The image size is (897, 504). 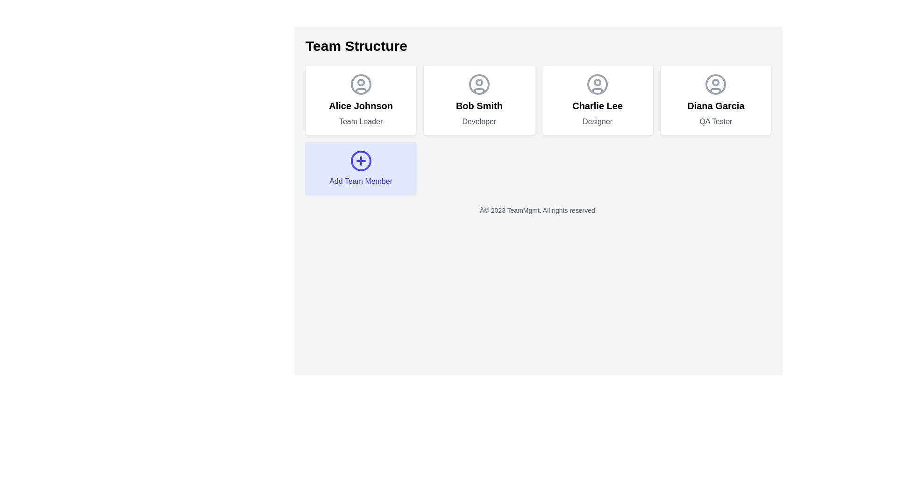 What do you see at coordinates (360, 84) in the screenshot?
I see `the Avatar icon representing 'Alice Johnson', located at the top center of the card for 'Alice Johnson Team Leader' in the 'Team Structure' section` at bounding box center [360, 84].